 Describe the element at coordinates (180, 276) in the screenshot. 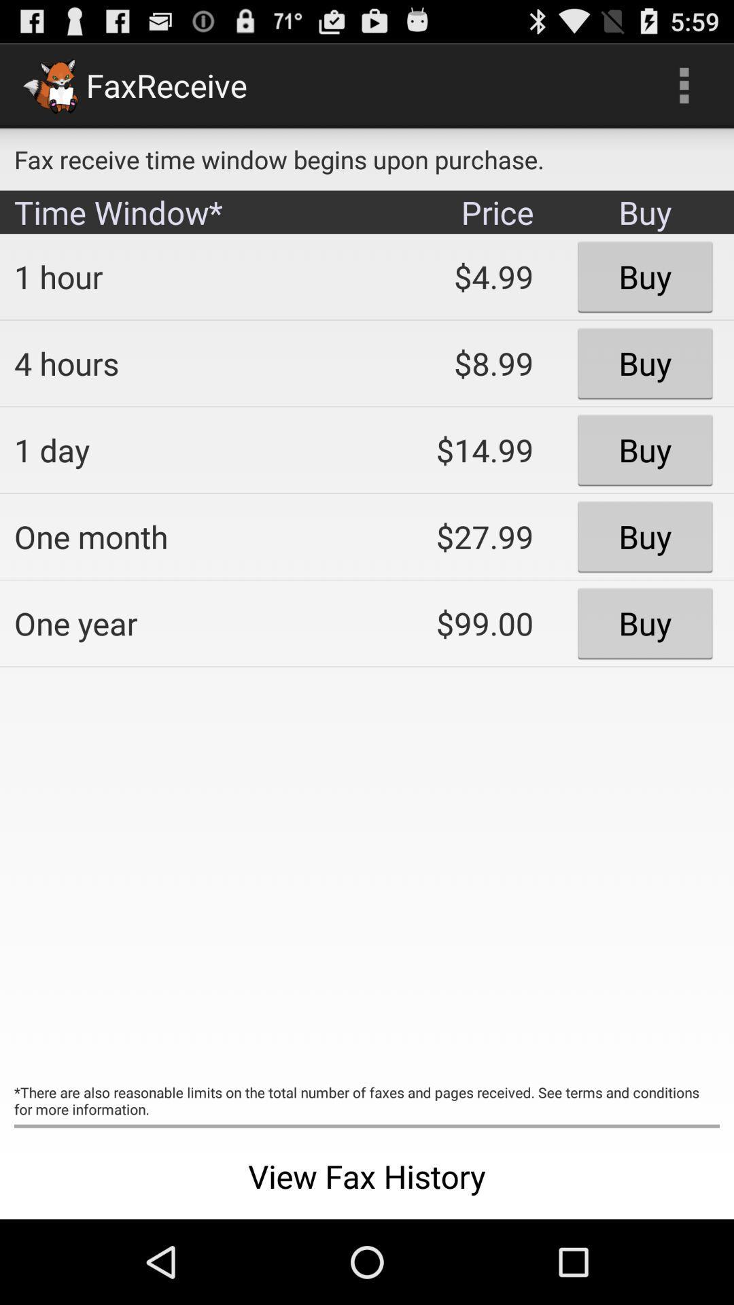

I see `app below time window* icon` at that location.